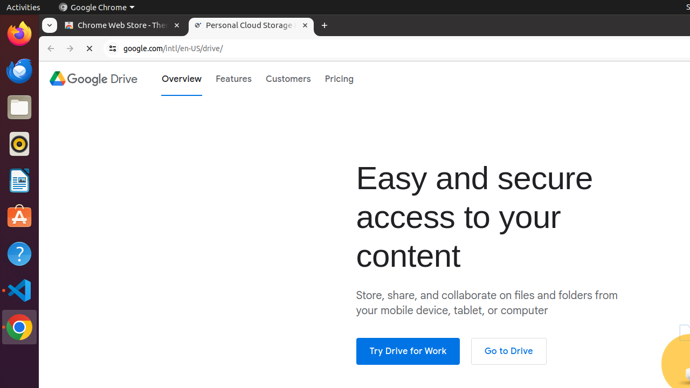 This screenshot has height=388, width=690. Describe the element at coordinates (19, 70) in the screenshot. I see `'Thunderbird Mail'` at that location.